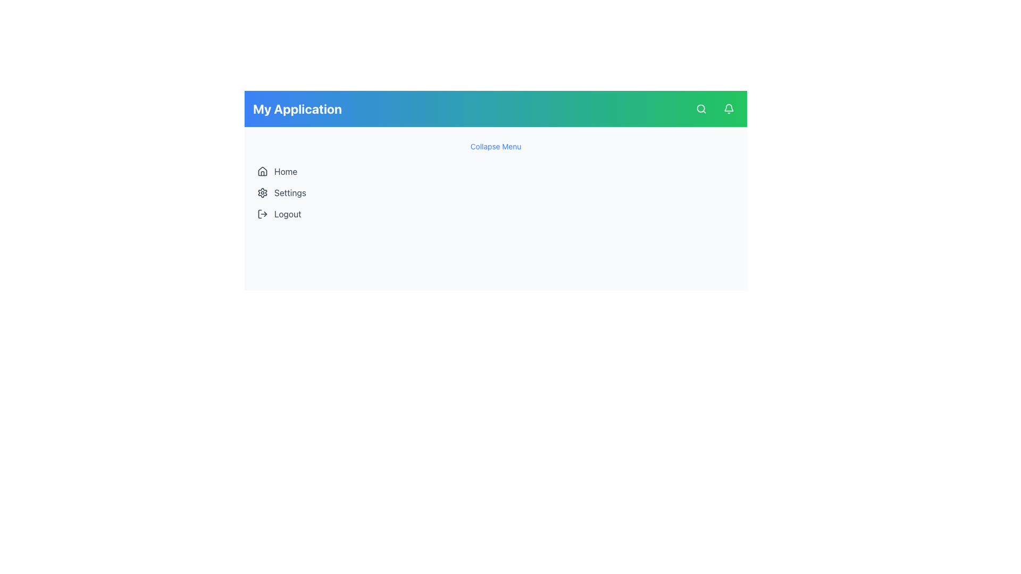 The image size is (1021, 574). I want to click on the notification button located horizontally in the layout, which is the second interactive element from the right side, so click(729, 108).